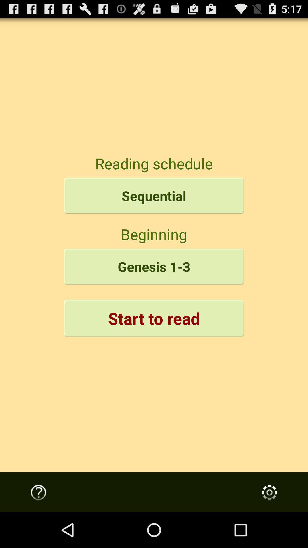 The width and height of the screenshot is (308, 548). Describe the element at coordinates (154, 196) in the screenshot. I see `sequential icon` at that location.